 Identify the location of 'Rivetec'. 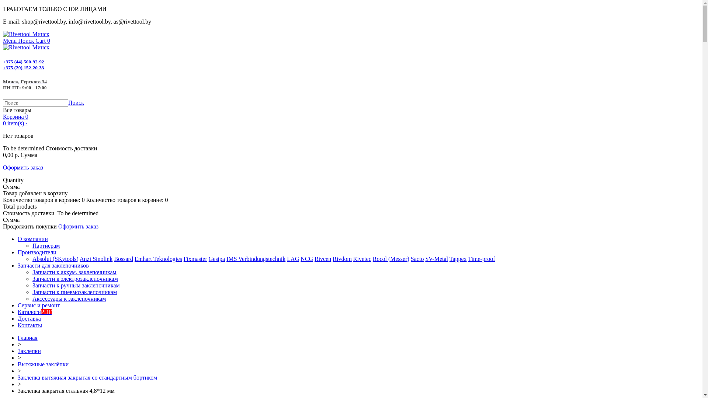
(362, 258).